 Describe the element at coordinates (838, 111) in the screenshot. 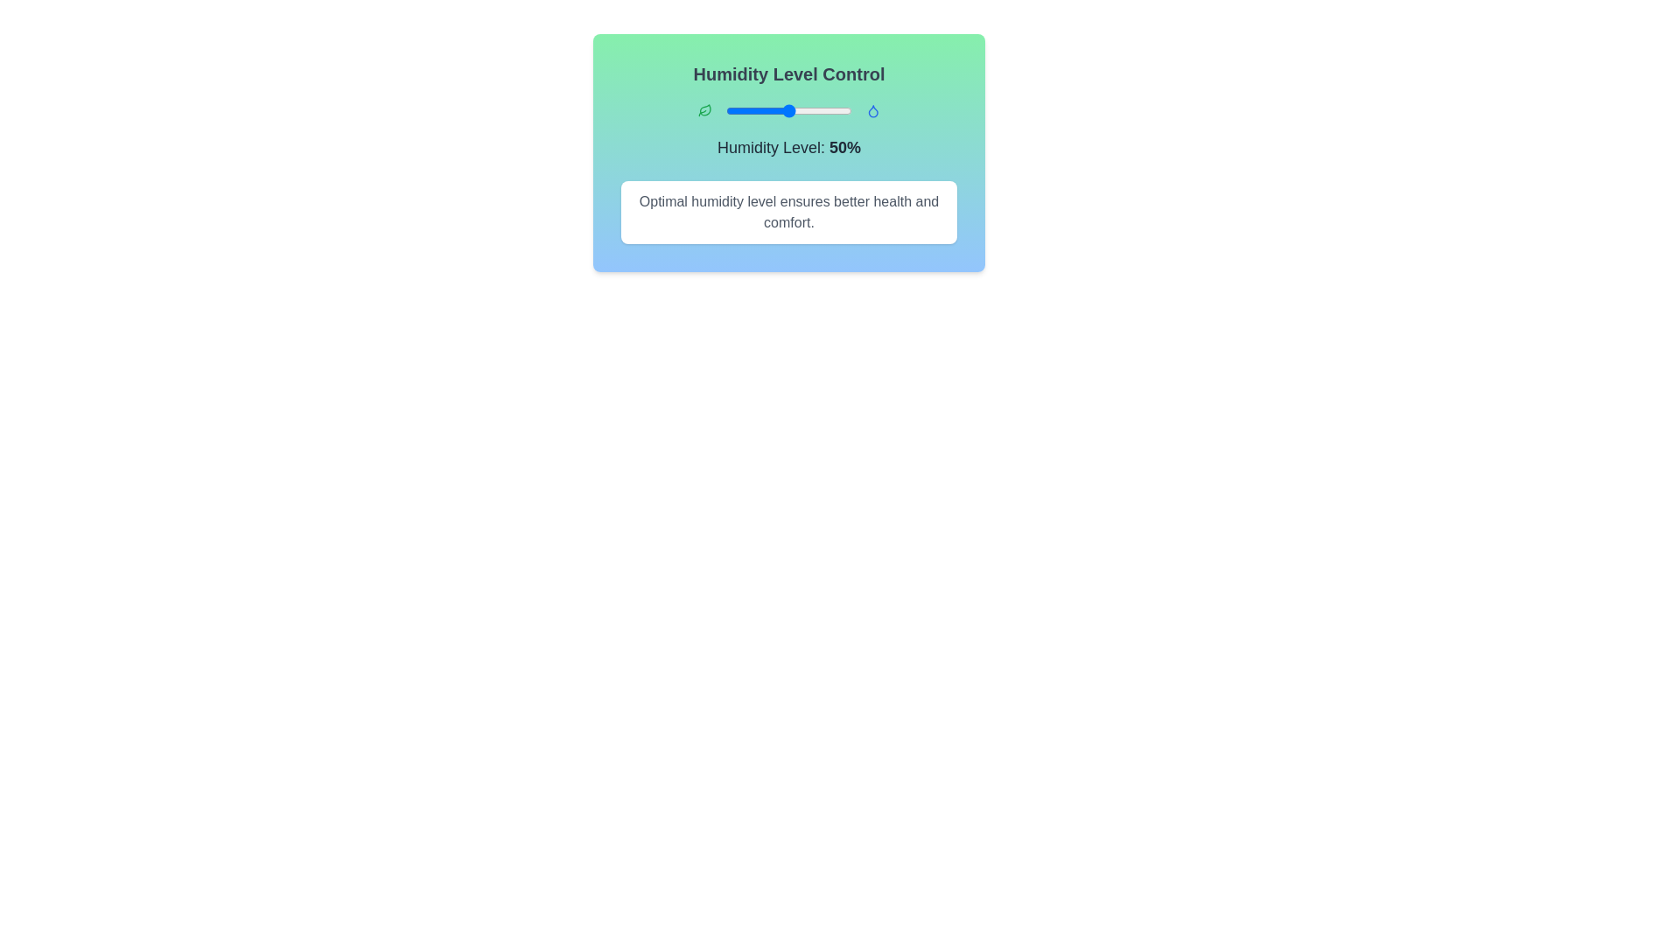

I see `the humidity slider to set the level to 90%` at that location.